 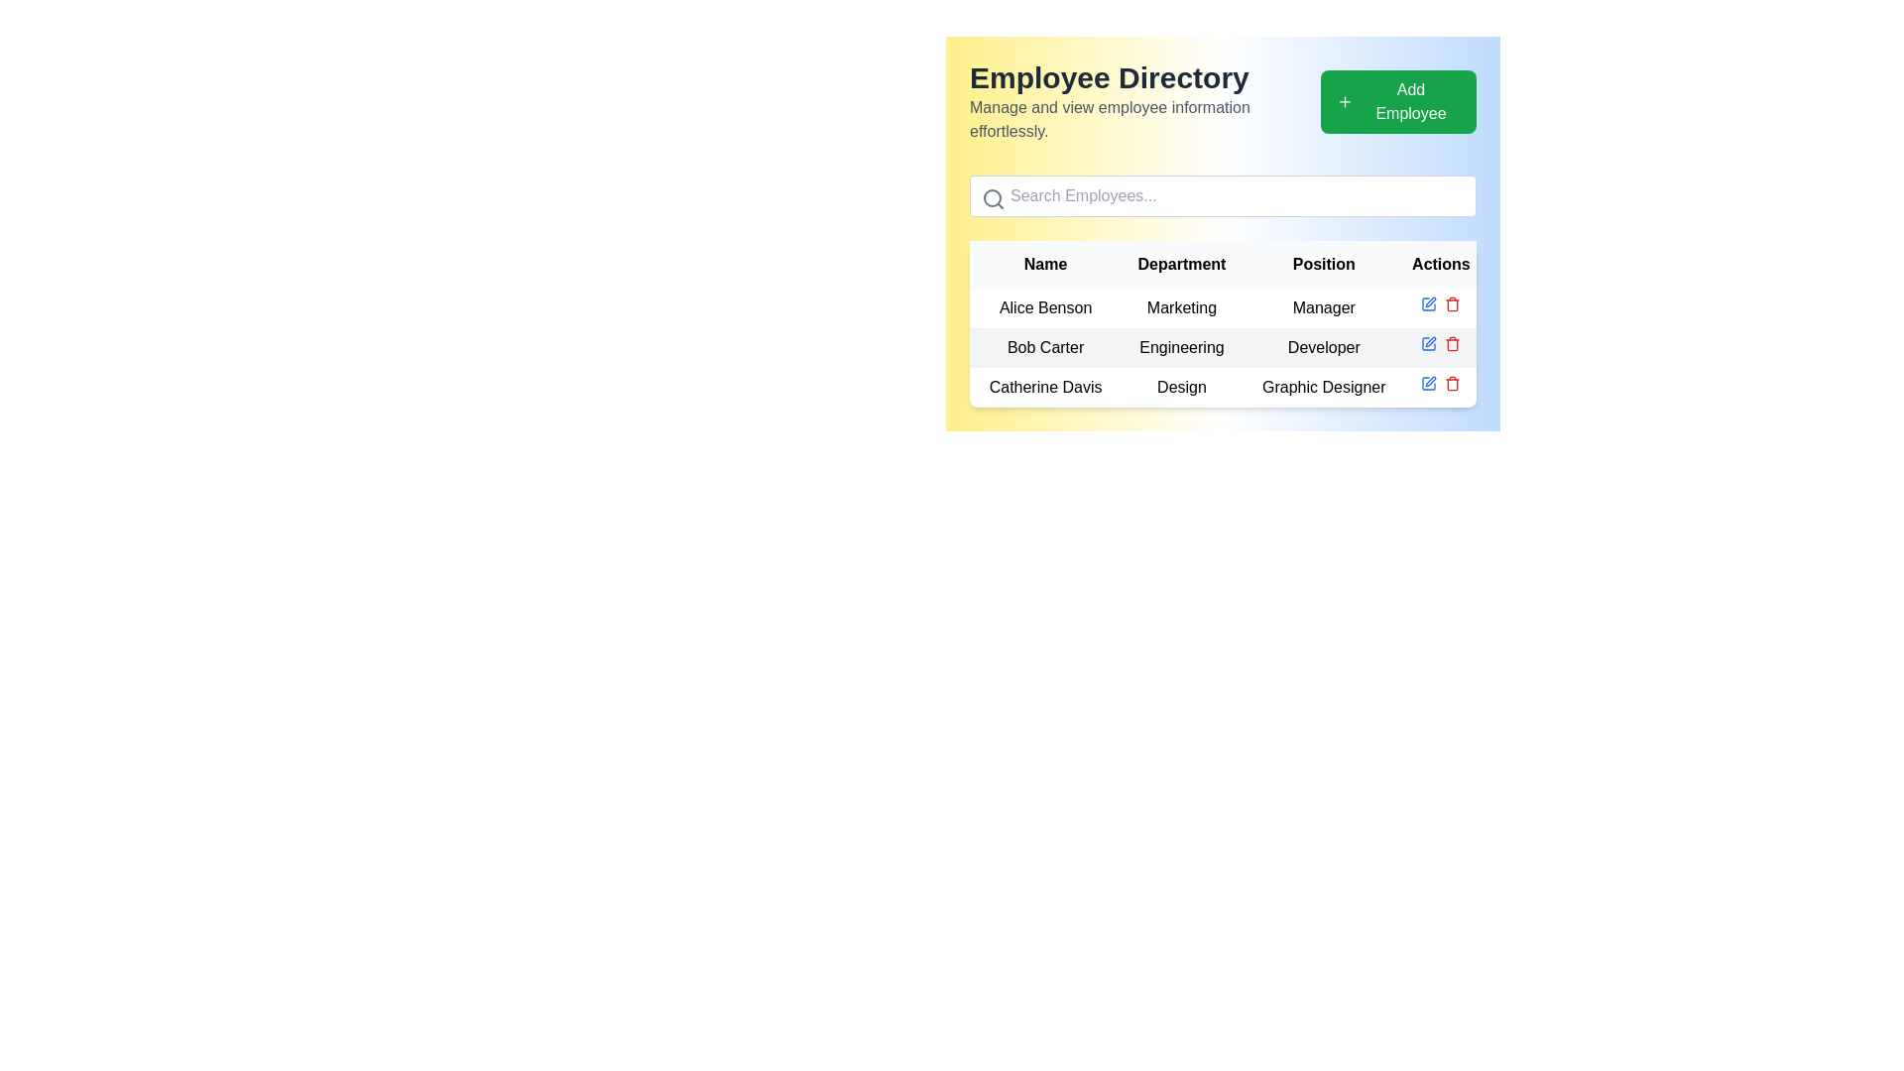 What do you see at coordinates (1324, 263) in the screenshot?
I see `the text label displaying 'Position' in bold black font, which is the third item in the table header row, positioned between 'Department' and 'Actions'` at bounding box center [1324, 263].